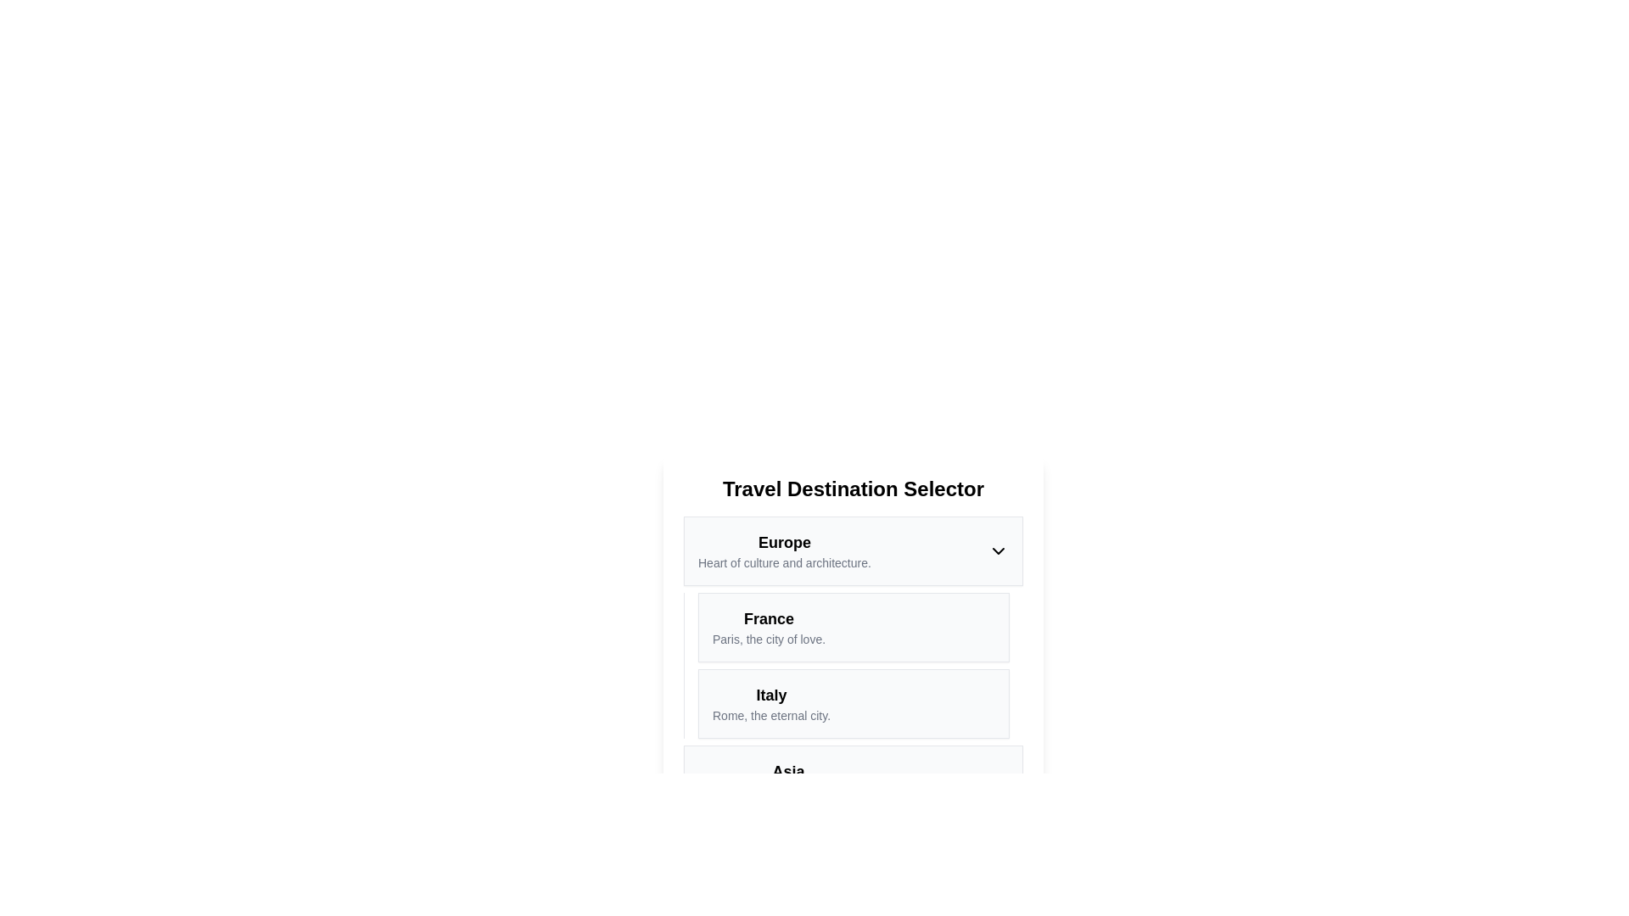  I want to click on the text label that provides a description or subtitle for the Italy section, located immediately below the bold text 'Italy' and aligned to the left margin, so click(770, 716).